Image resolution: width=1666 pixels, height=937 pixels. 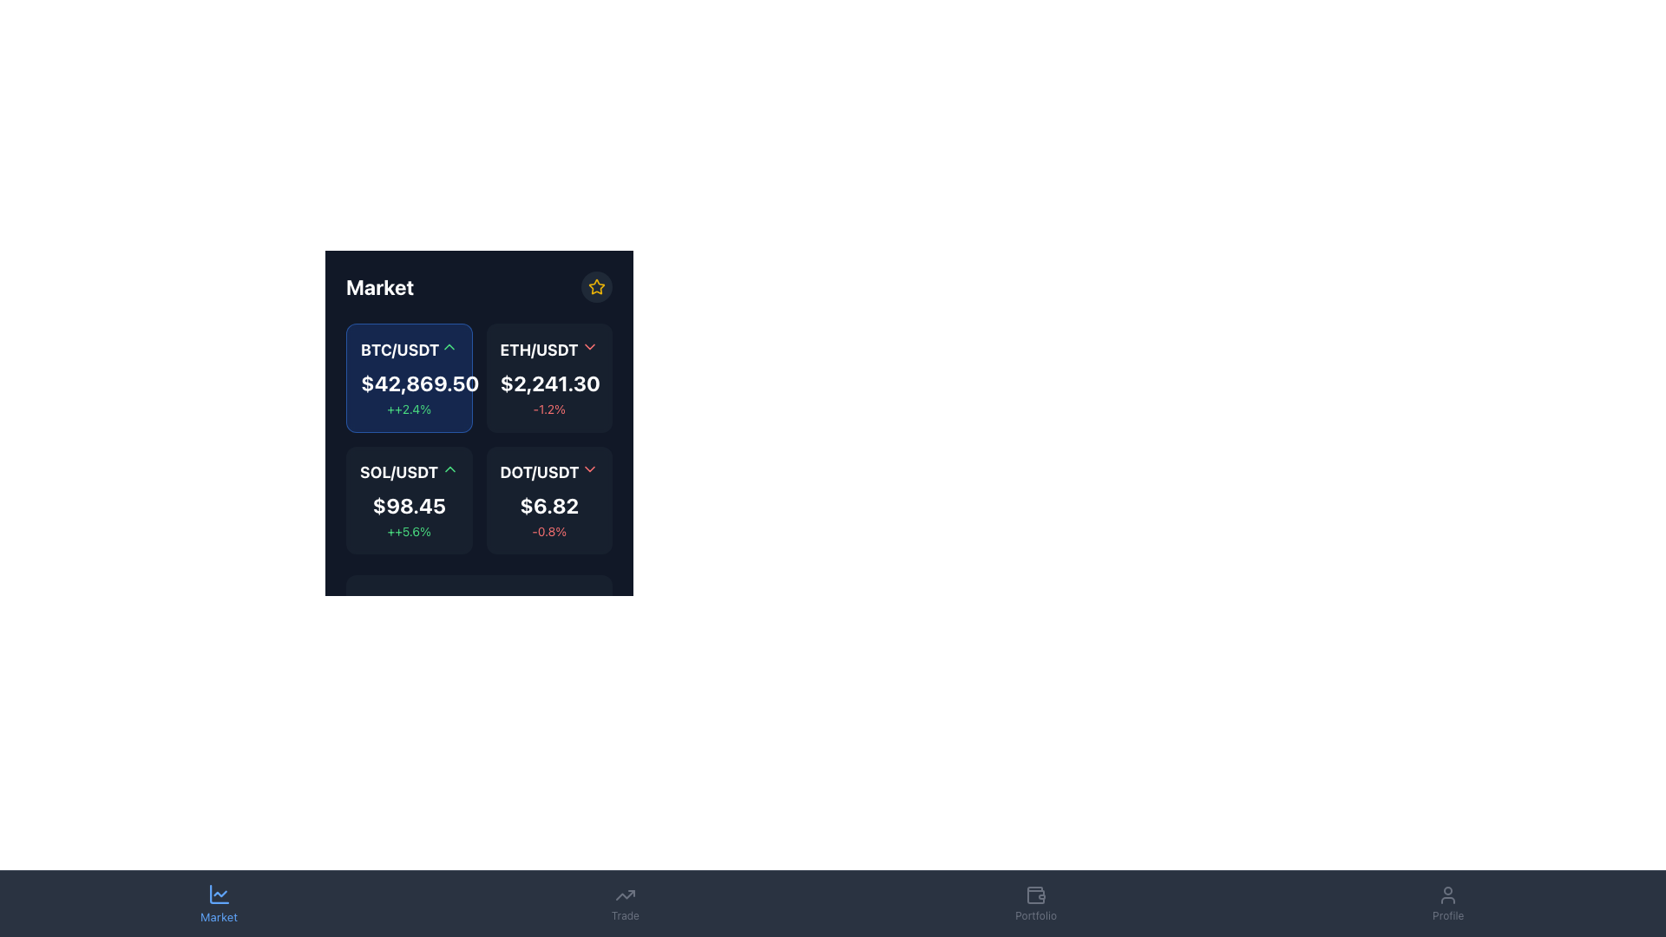 What do you see at coordinates (408, 505) in the screenshot?
I see `the monetary value label displaying '$98.45', which is positioned below the 'SOL/USDT' label and above the percentage text '++5.6%'` at bounding box center [408, 505].